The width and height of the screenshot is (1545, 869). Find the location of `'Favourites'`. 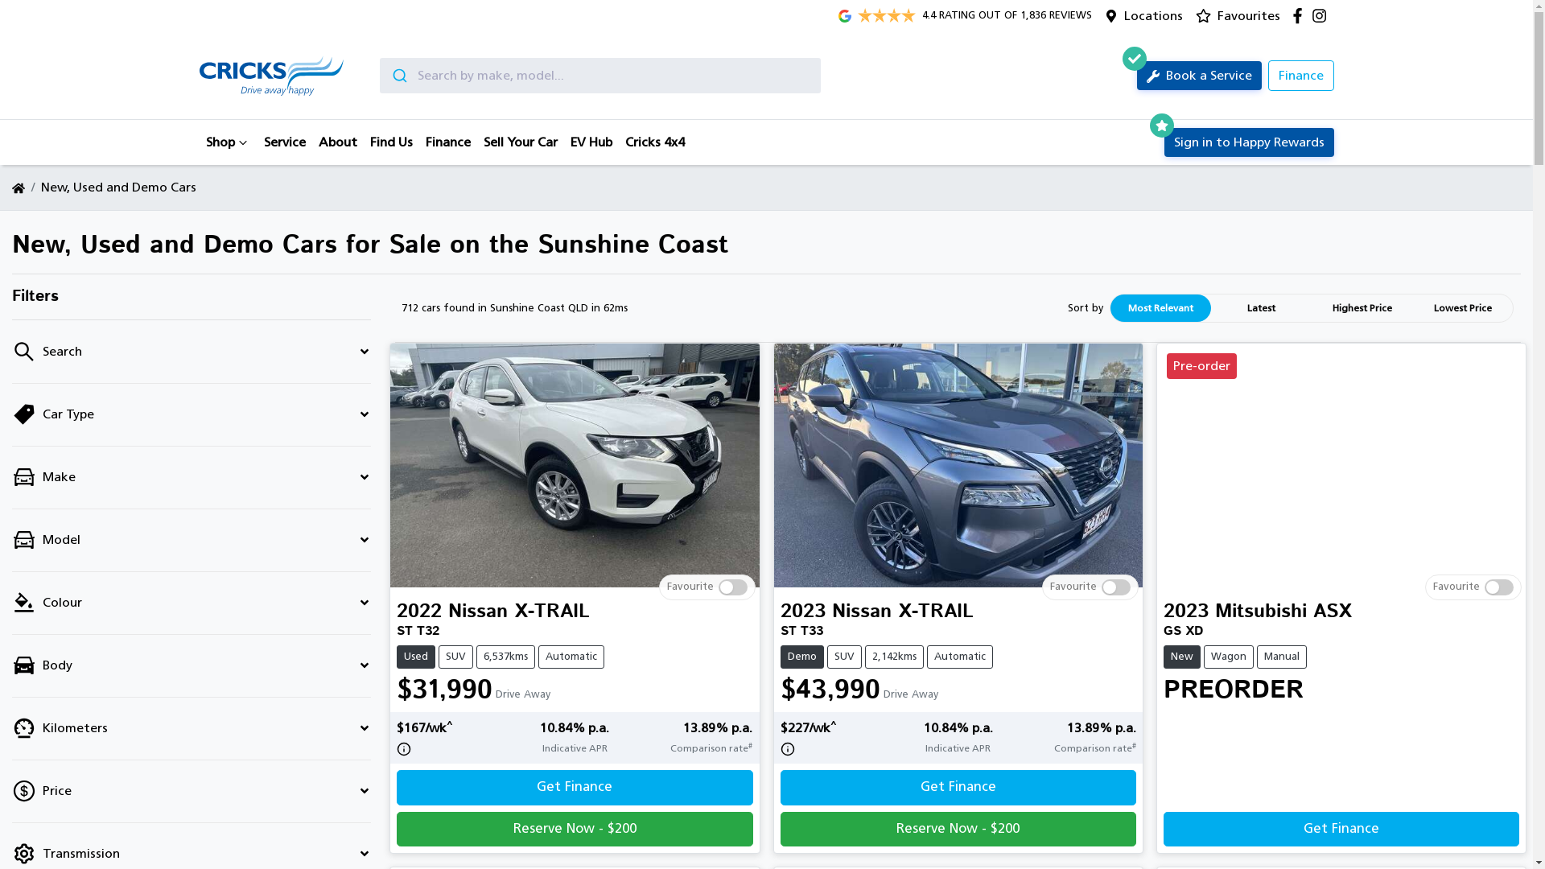

'Favourites' is located at coordinates (1242, 15).